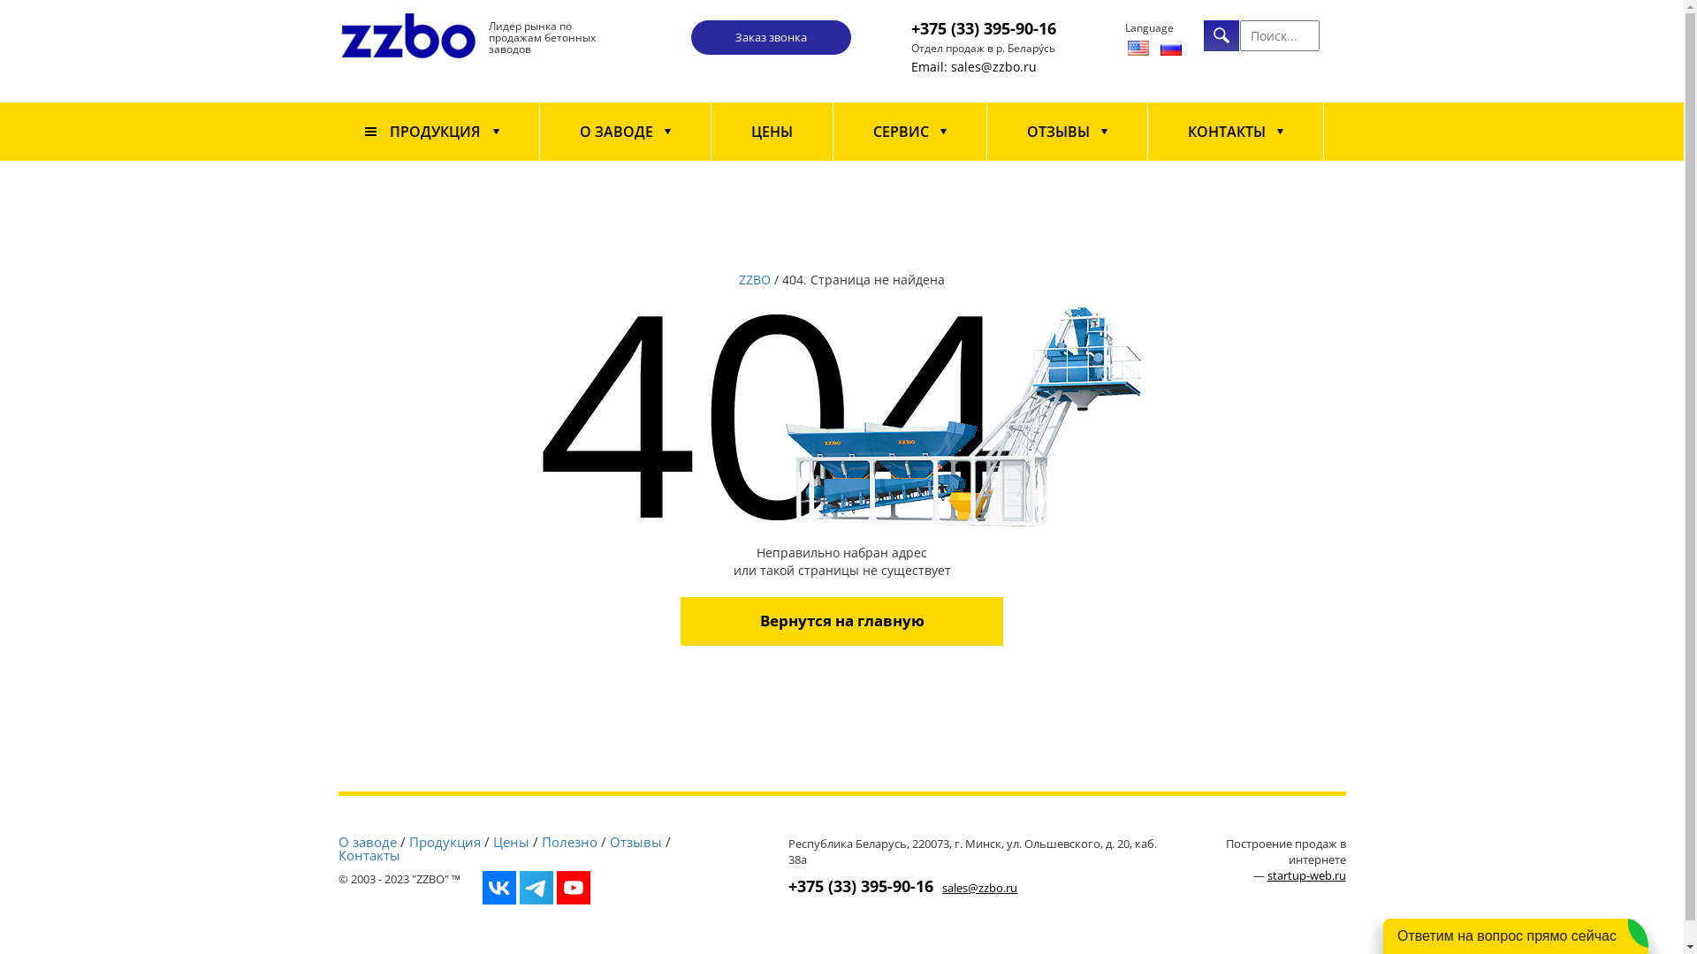 This screenshot has width=1697, height=954. Describe the element at coordinates (1267, 875) in the screenshot. I see `'startup-web.ru'` at that location.